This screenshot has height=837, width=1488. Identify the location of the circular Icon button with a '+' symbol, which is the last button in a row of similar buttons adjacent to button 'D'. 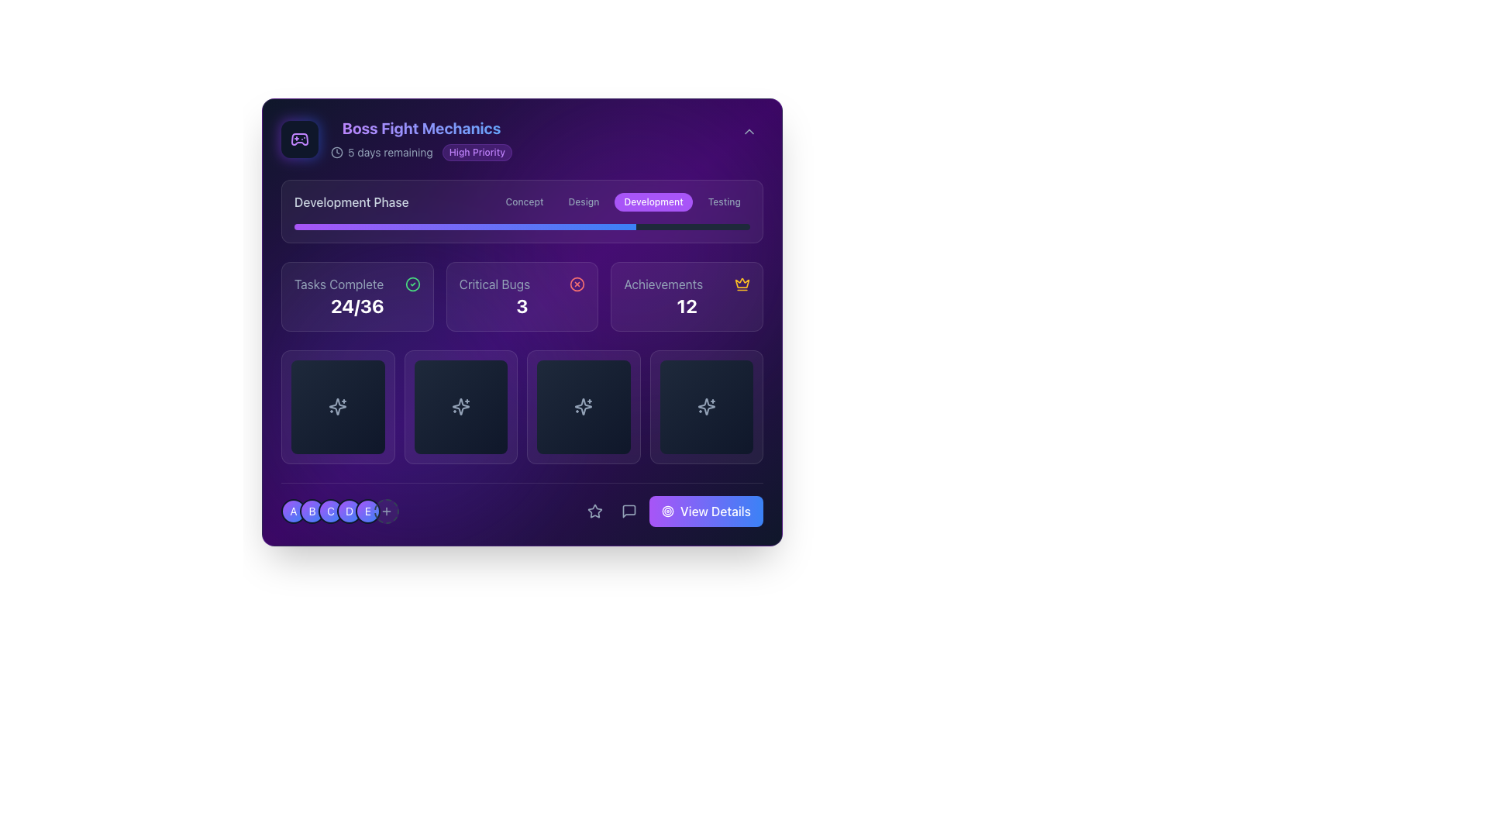
(387, 511).